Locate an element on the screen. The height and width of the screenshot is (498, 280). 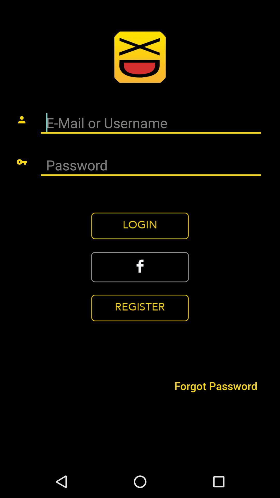
login button is located at coordinates (140, 226).